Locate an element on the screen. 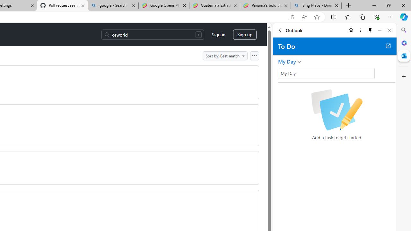 This screenshot has height=231, width=411. 'google - Search' is located at coordinates (113, 5).